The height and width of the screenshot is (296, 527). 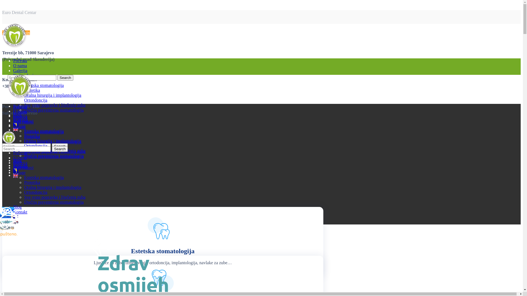 I want to click on 'Estetska stomatologija', so click(x=43, y=132).